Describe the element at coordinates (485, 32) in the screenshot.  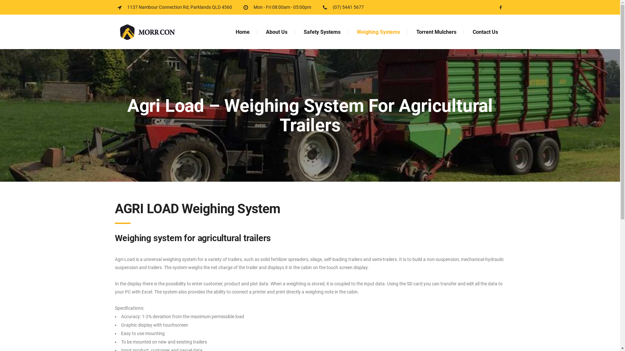
I see `'Contact Us'` at that location.